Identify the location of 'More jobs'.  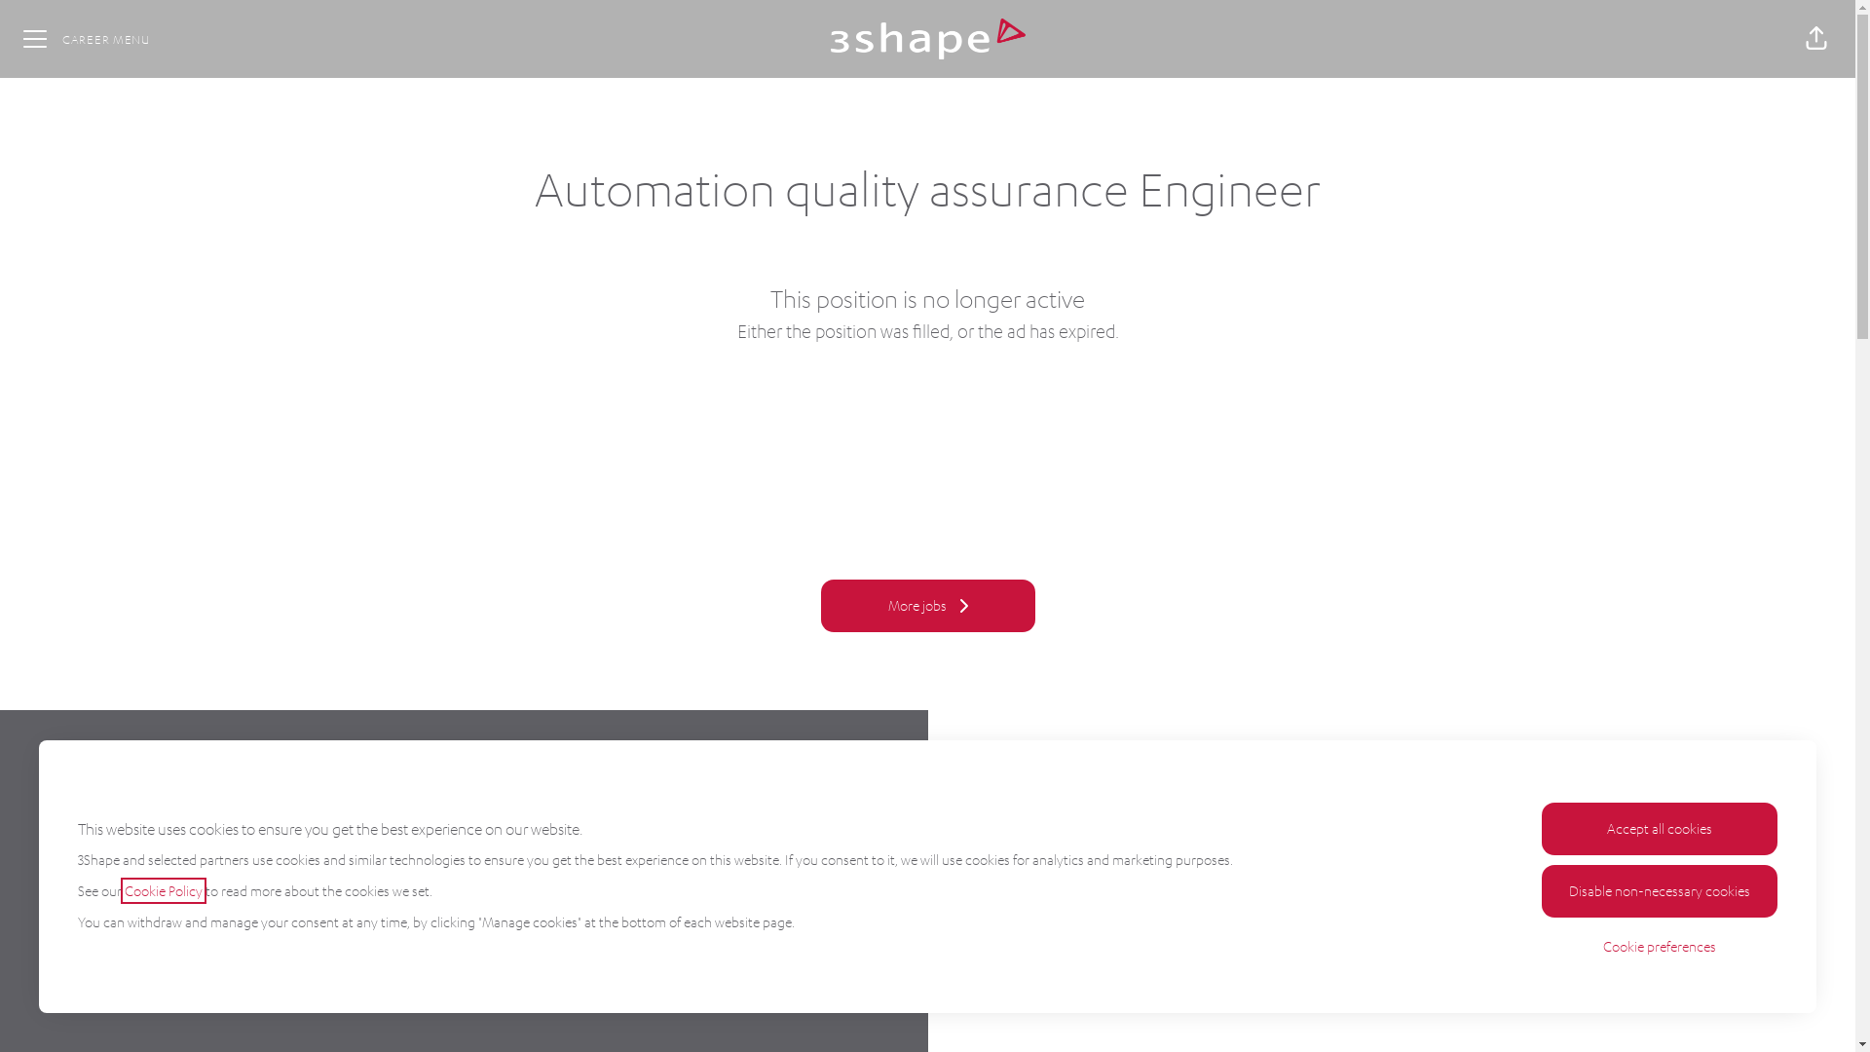
(819, 604).